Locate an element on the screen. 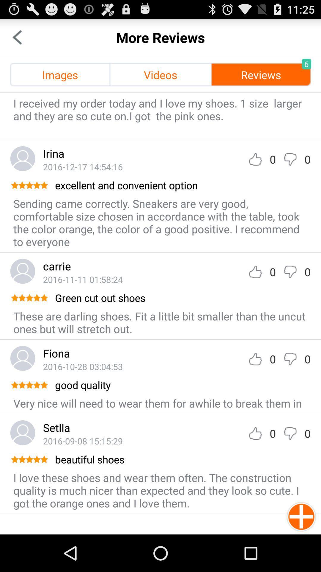 Image resolution: width=321 pixels, height=572 pixels. good quality icon is located at coordinates (182, 385).